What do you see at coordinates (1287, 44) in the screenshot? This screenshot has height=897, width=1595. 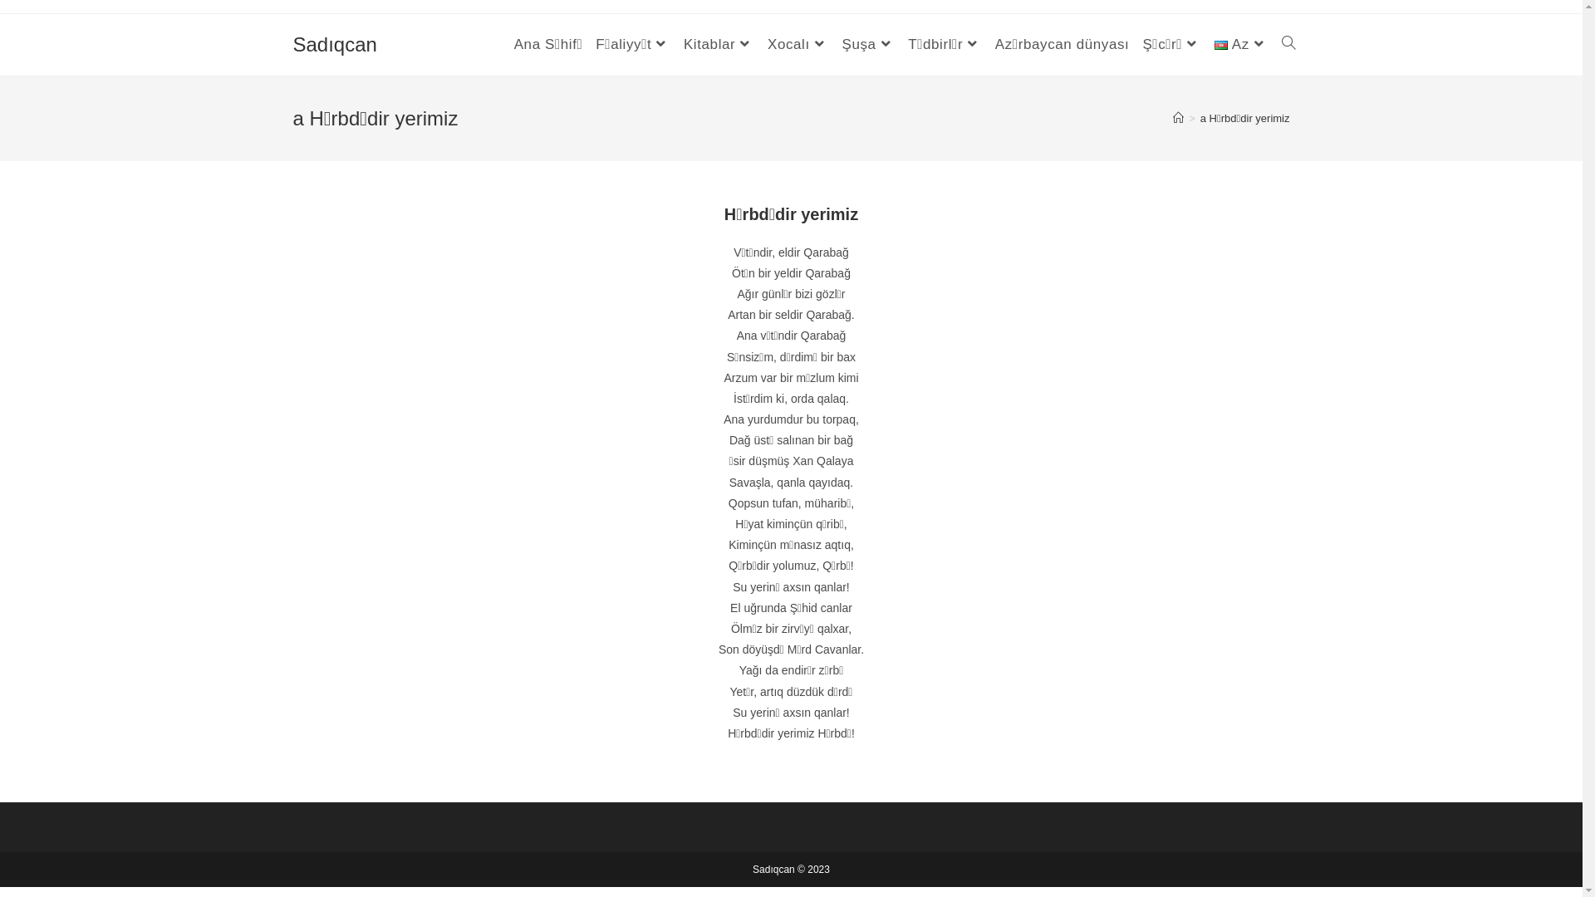 I see `'Toggle website search'` at bounding box center [1287, 44].